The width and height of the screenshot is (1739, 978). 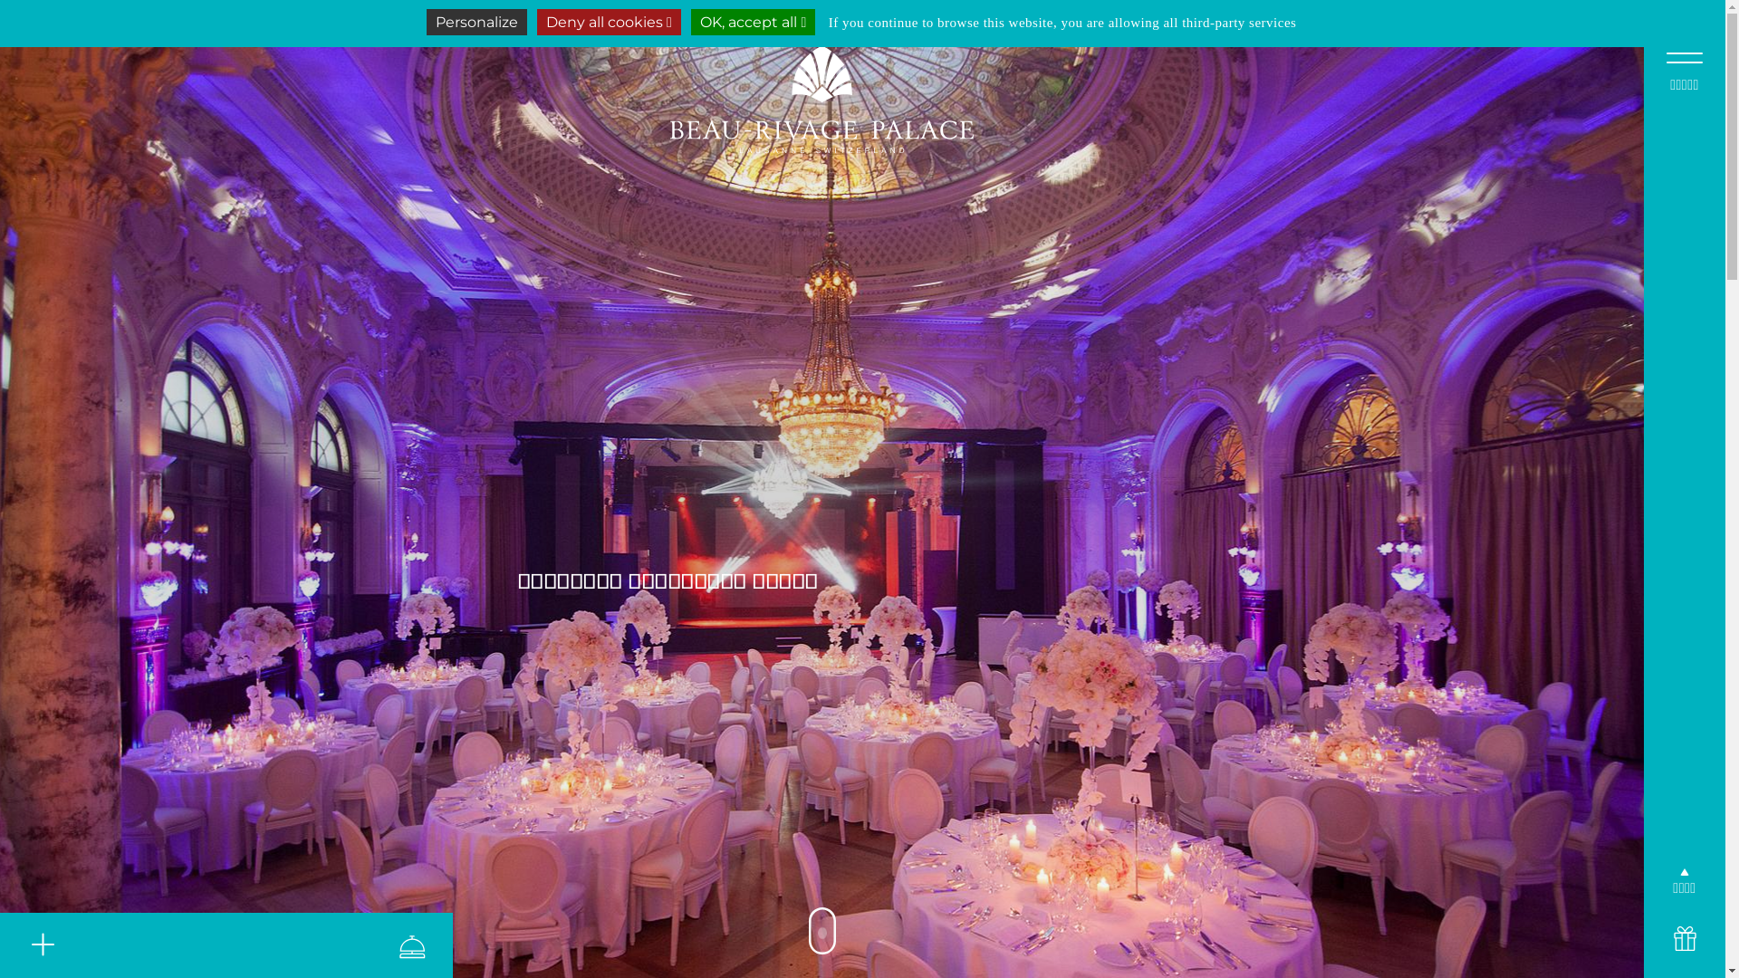 I want to click on 'Deny all cookies', so click(x=609, y=22).